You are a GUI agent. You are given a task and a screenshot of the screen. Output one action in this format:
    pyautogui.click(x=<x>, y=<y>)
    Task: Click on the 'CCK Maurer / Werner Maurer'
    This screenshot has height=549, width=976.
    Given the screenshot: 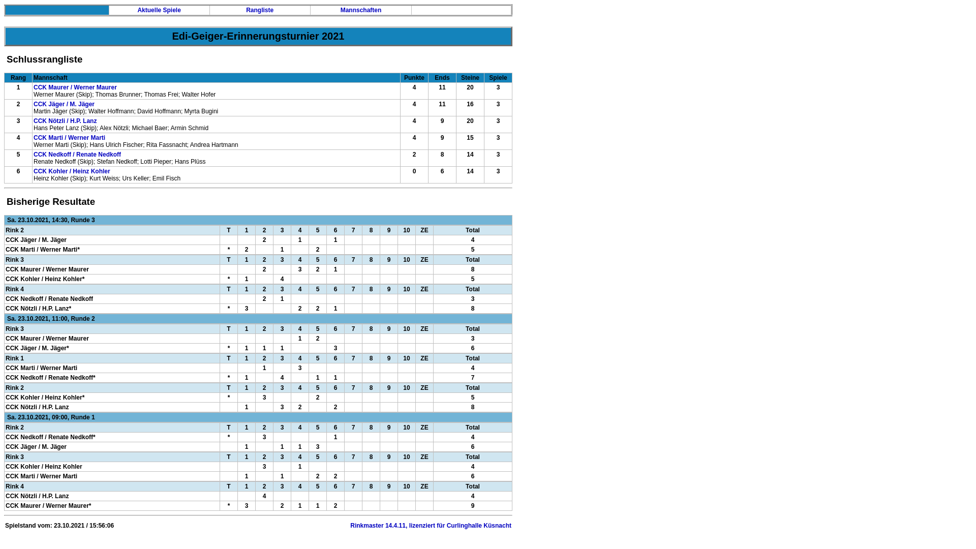 What is the action you would take?
    pyautogui.click(x=34, y=87)
    